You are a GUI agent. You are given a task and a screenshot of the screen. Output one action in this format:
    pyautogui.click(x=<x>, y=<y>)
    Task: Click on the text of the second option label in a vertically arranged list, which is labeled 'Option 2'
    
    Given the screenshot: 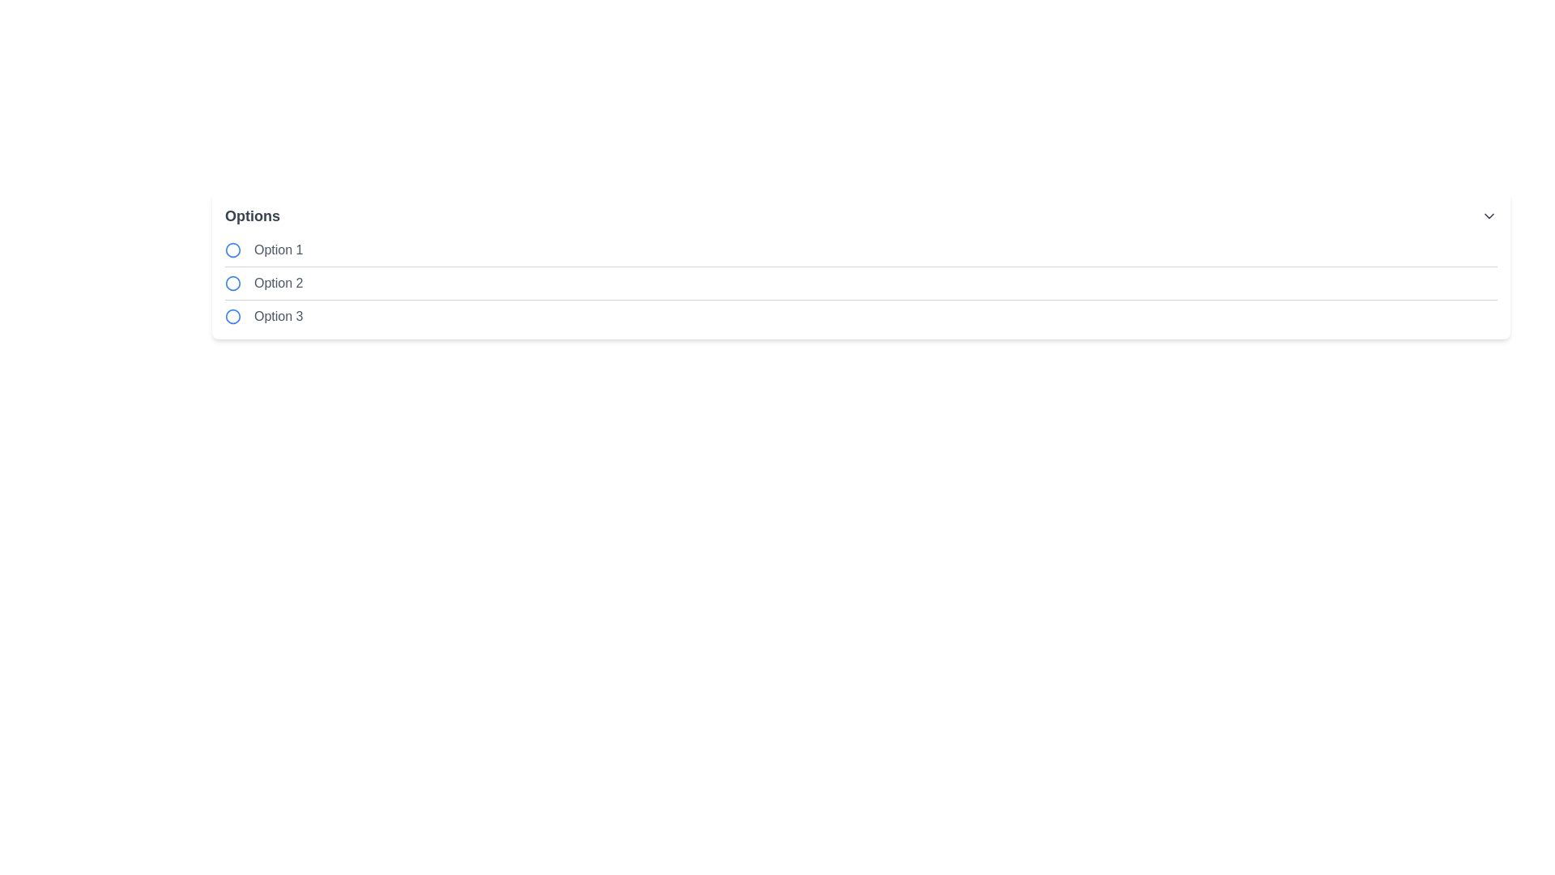 What is the action you would take?
    pyautogui.click(x=279, y=283)
    